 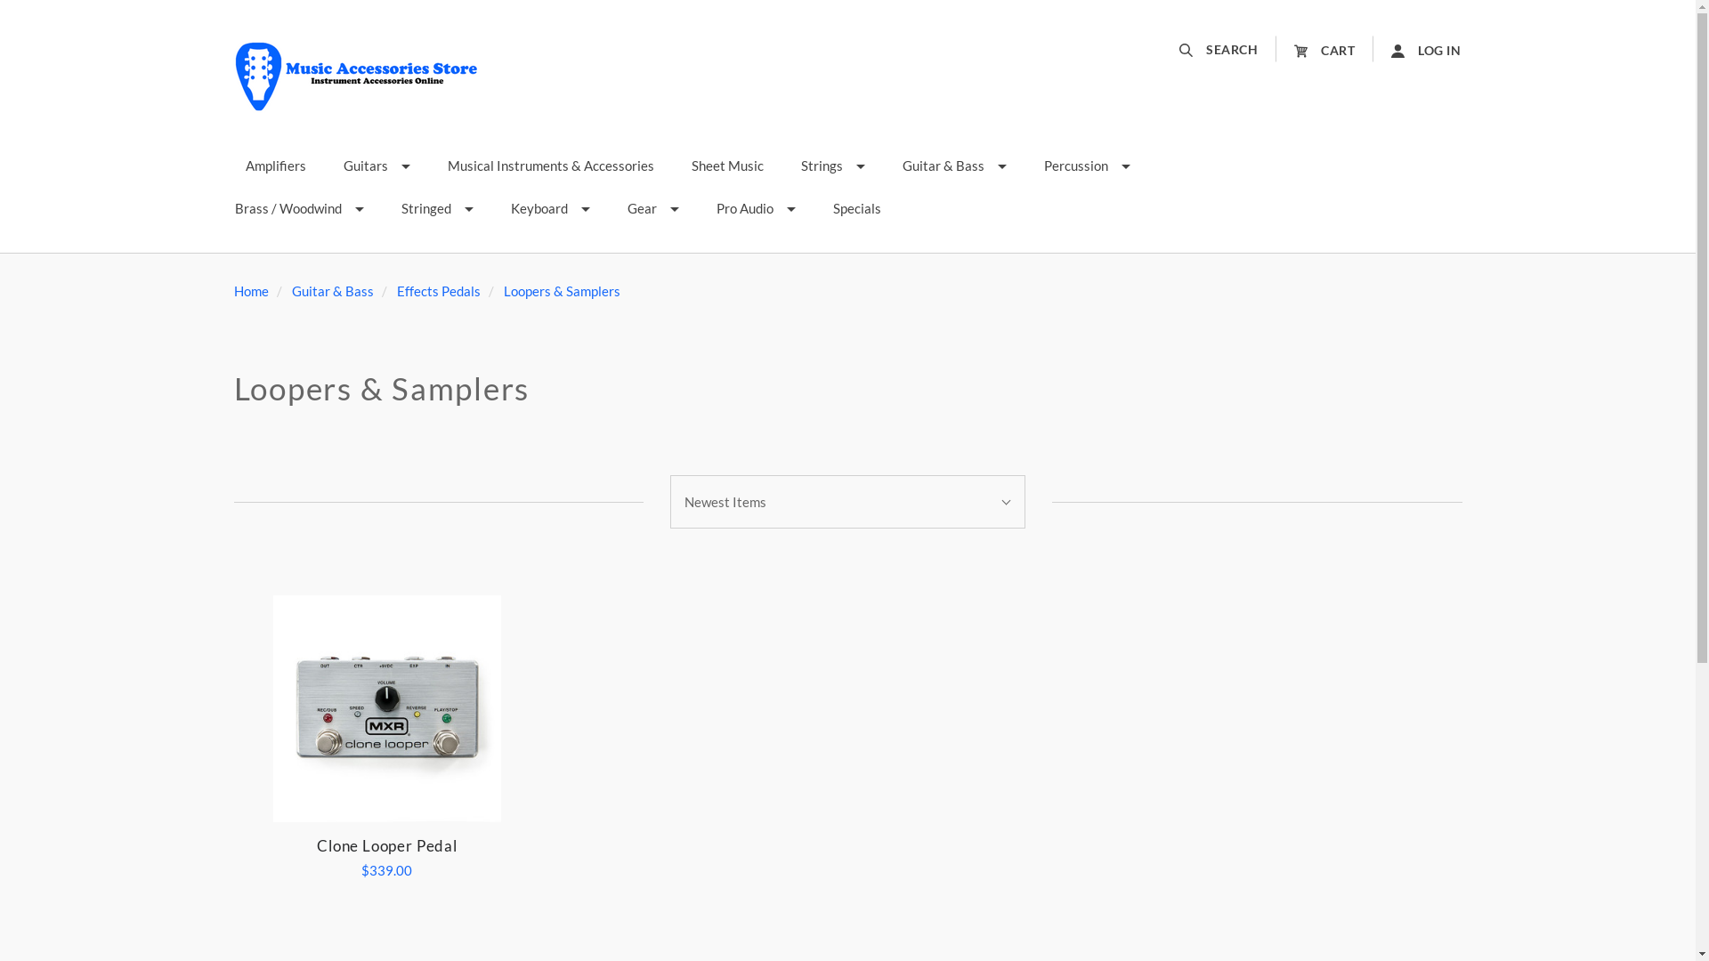 What do you see at coordinates (1226, 47) in the screenshot?
I see `'SEARCH'` at bounding box center [1226, 47].